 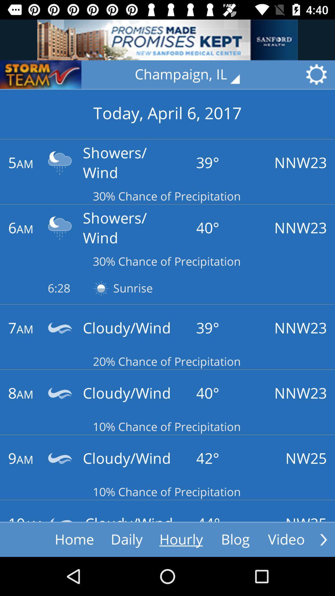 I want to click on swipe next option, so click(x=323, y=539).